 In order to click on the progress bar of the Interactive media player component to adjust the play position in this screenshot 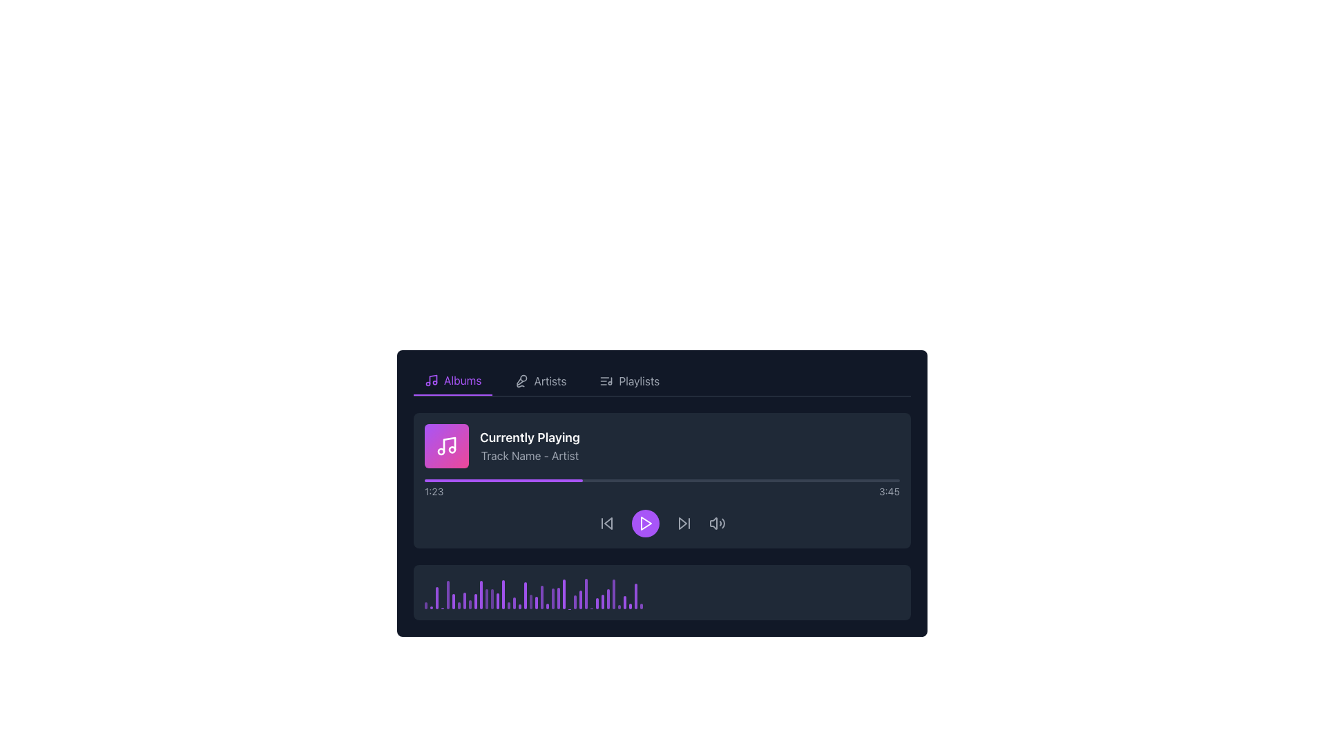, I will do `click(662, 479)`.